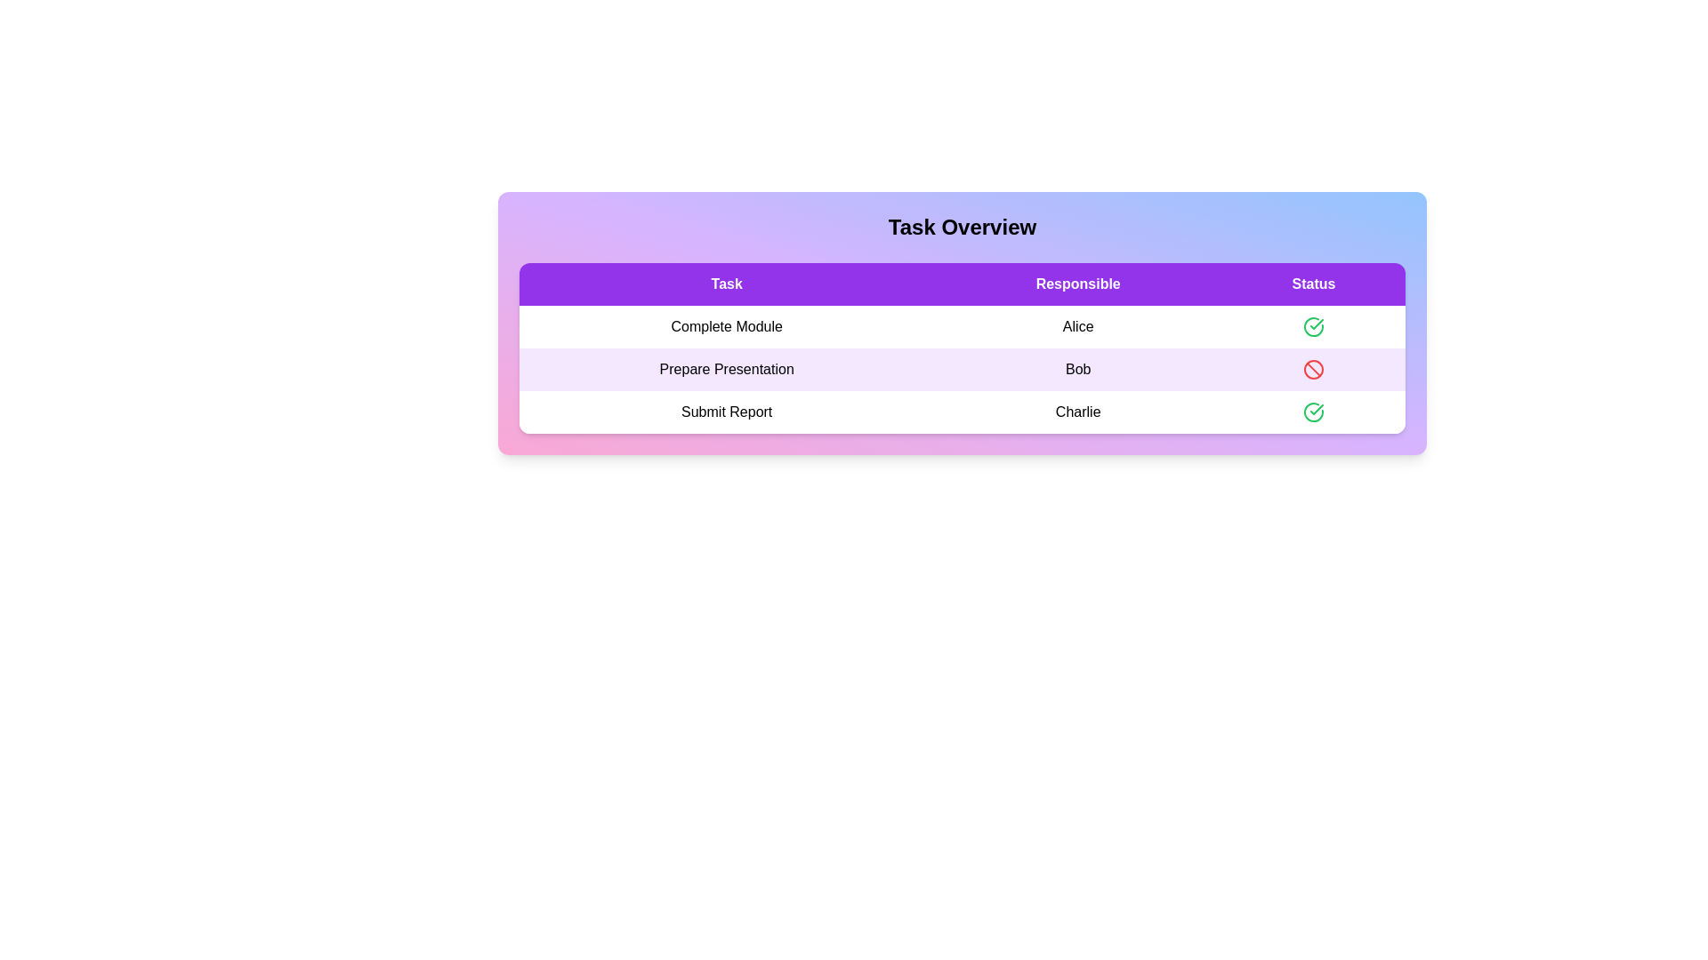 The width and height of the screenshot is (1708, 960). Describe the element at coordinates (1077, 412) in the screenshot. I see `the static text label displaying 'Charlie', which indicates the responsible person for the 'Submit Report' task` at that location.